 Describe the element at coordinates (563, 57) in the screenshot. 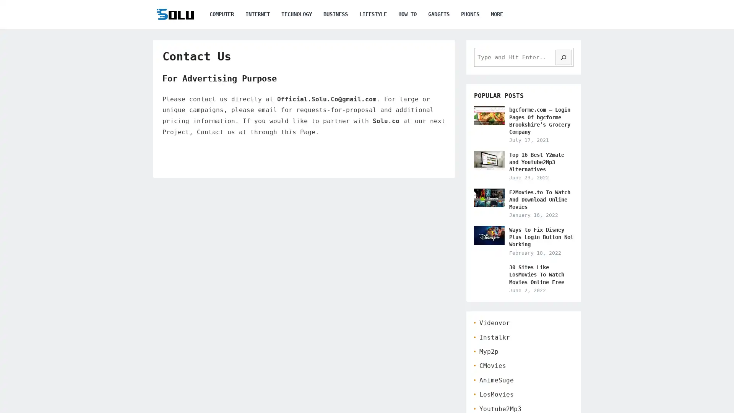

I see `Search` at that location.